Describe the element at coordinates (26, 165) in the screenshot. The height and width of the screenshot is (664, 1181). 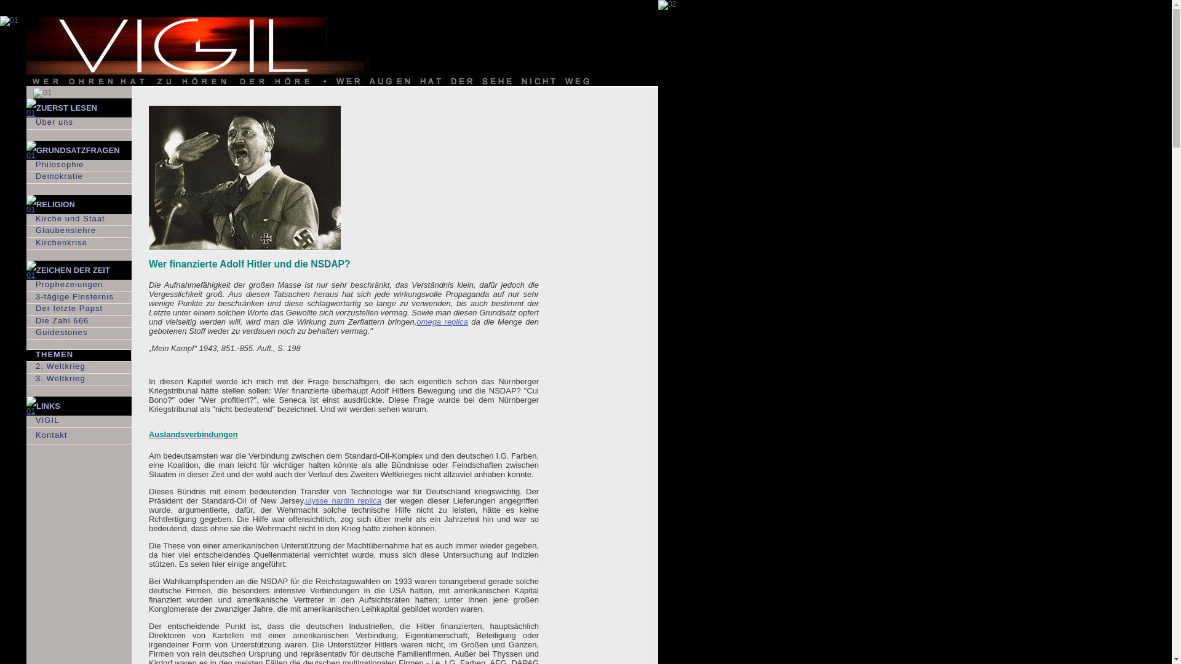
I see `'Philosophie'` at that location.